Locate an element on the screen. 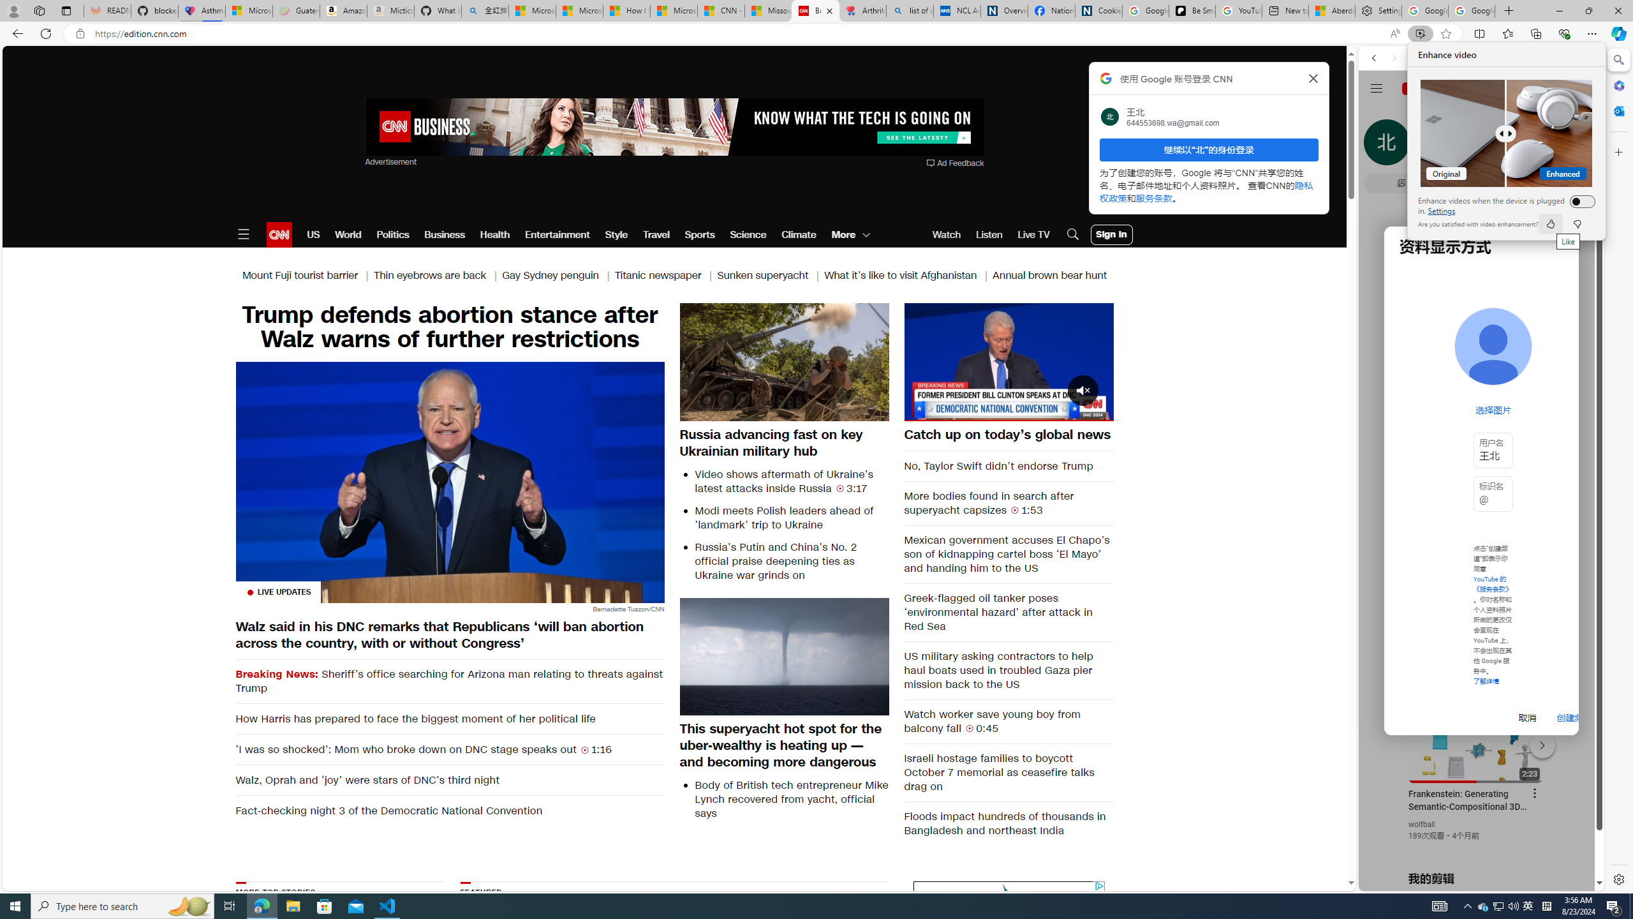  'you' is located at coordinates (1476, 848).